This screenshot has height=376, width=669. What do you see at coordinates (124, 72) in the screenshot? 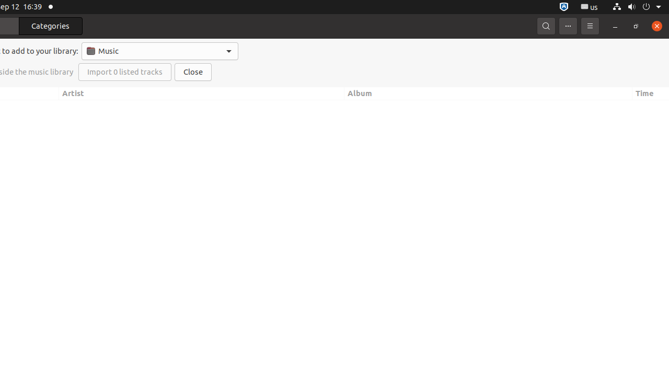
I see `'Import 0 listed tracks'` at bounding box center [124, 72].